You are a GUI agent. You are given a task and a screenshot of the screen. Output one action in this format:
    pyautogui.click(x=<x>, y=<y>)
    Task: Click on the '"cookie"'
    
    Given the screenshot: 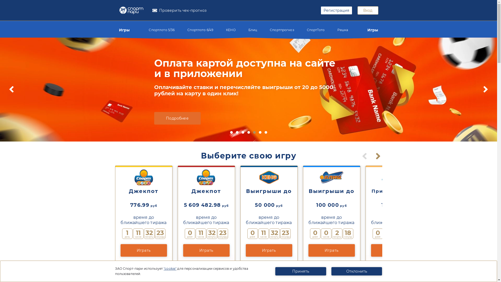 What is the action you would take?
    pyautogui.click(x=170, y=269)
    